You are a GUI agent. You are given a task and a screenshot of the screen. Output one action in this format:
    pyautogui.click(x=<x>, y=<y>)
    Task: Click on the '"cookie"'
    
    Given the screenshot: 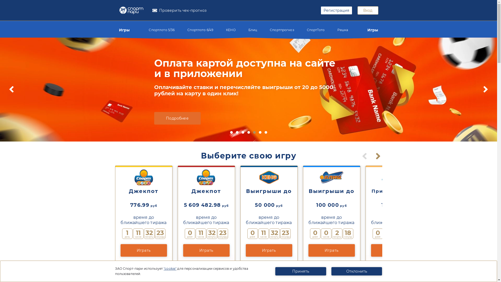 What is the action you would take?
    pyautogui.click(x=170, y=269)
    